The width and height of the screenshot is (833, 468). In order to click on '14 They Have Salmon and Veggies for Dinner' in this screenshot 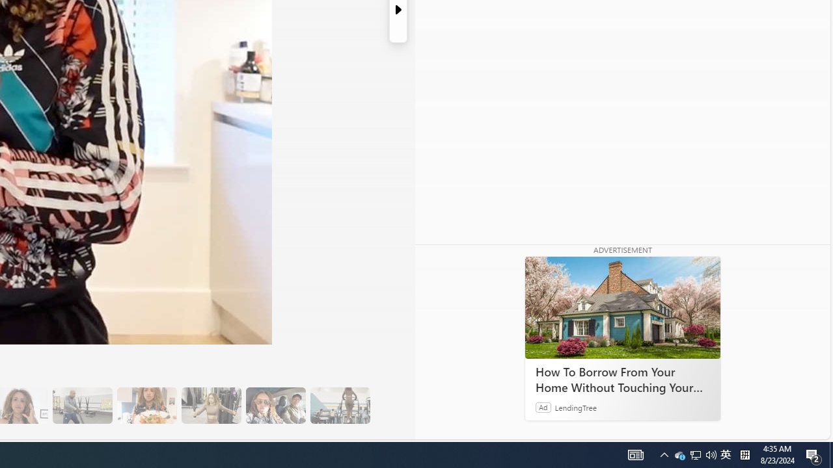, I will do `click(146, 405)`.